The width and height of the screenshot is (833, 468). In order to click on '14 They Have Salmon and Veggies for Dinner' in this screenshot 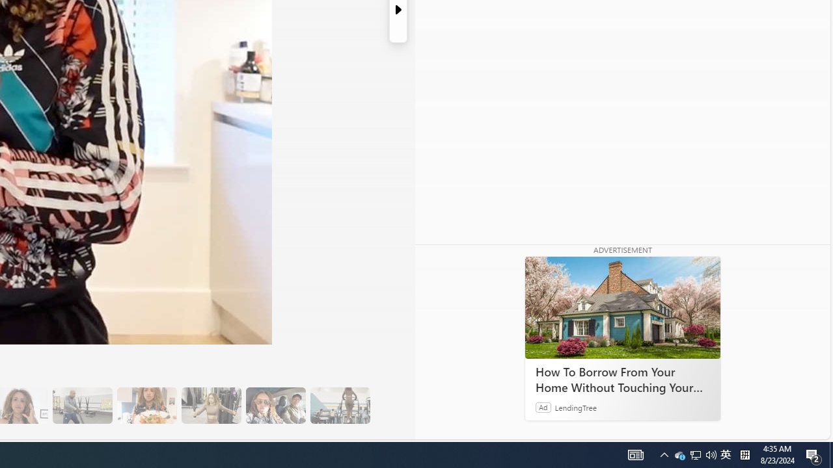, I will do `click(146, 405)`.